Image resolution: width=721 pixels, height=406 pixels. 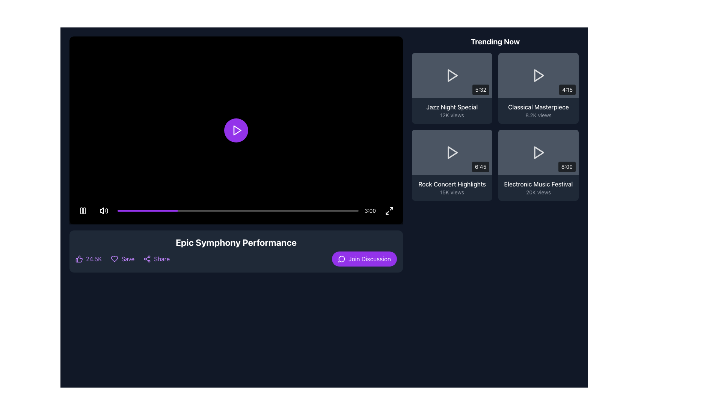 I want to click on the Text label displaying '12K views' located below 'Jazz Night Special' in the 'Trending Now' section, so click(x=452, y=115).